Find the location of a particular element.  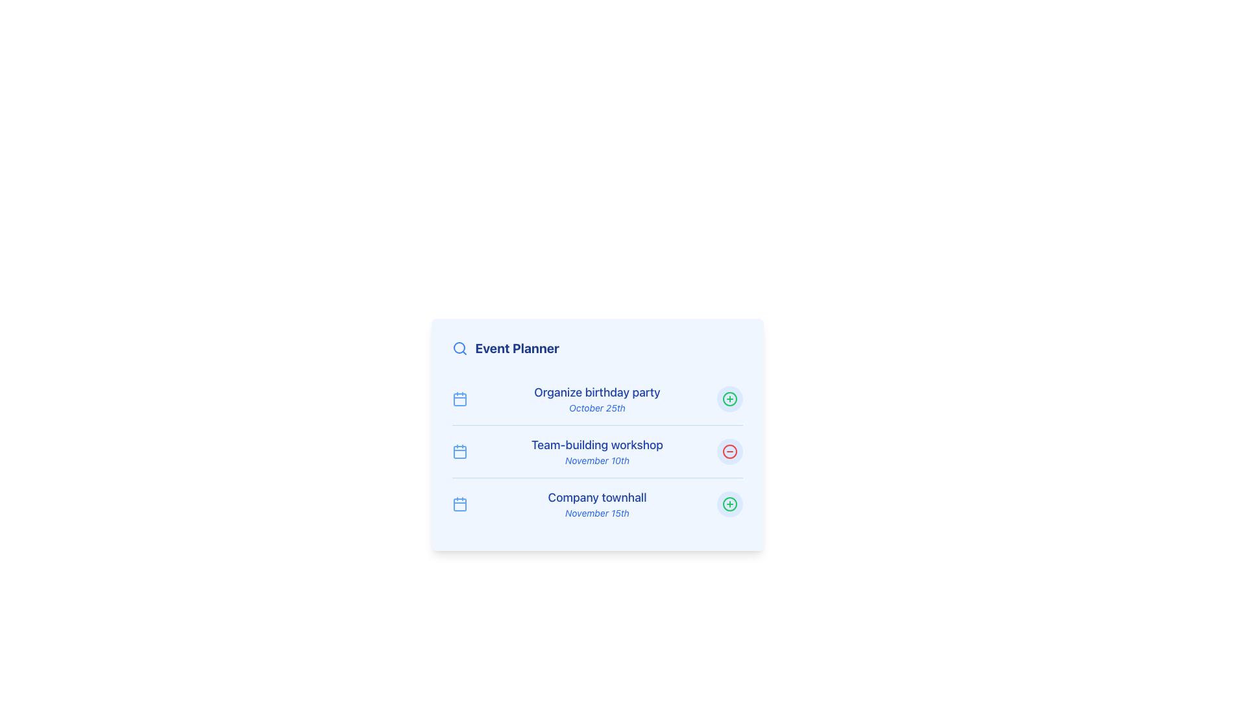

the circle within the magnifying glass icon located to the left of the 'Event Planner' text in the header at the top of the card is located at coordinates (459, 347).